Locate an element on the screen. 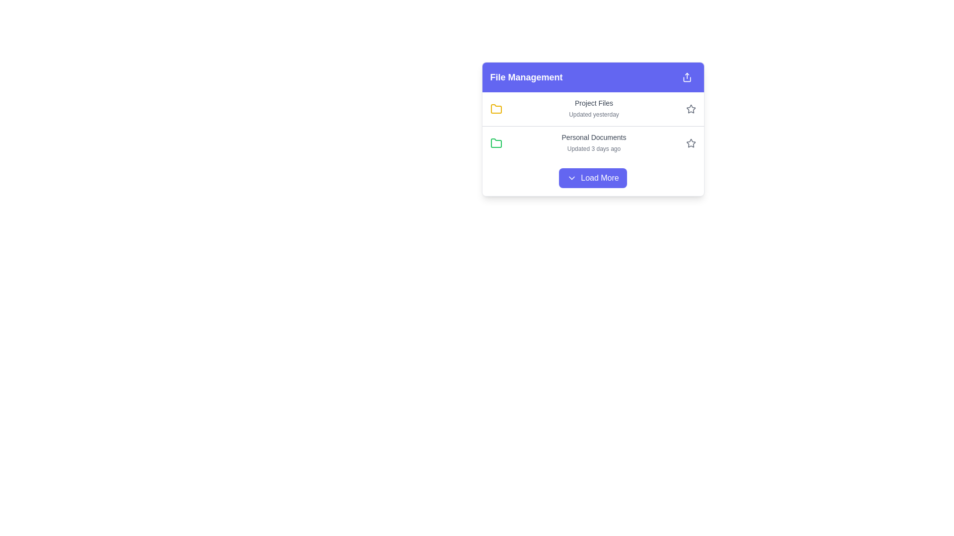 Image resolution: width=954 pixels, height=536 pixels. the green folder icon representing 'Personal Documents' is located at coordinates (496, 143).